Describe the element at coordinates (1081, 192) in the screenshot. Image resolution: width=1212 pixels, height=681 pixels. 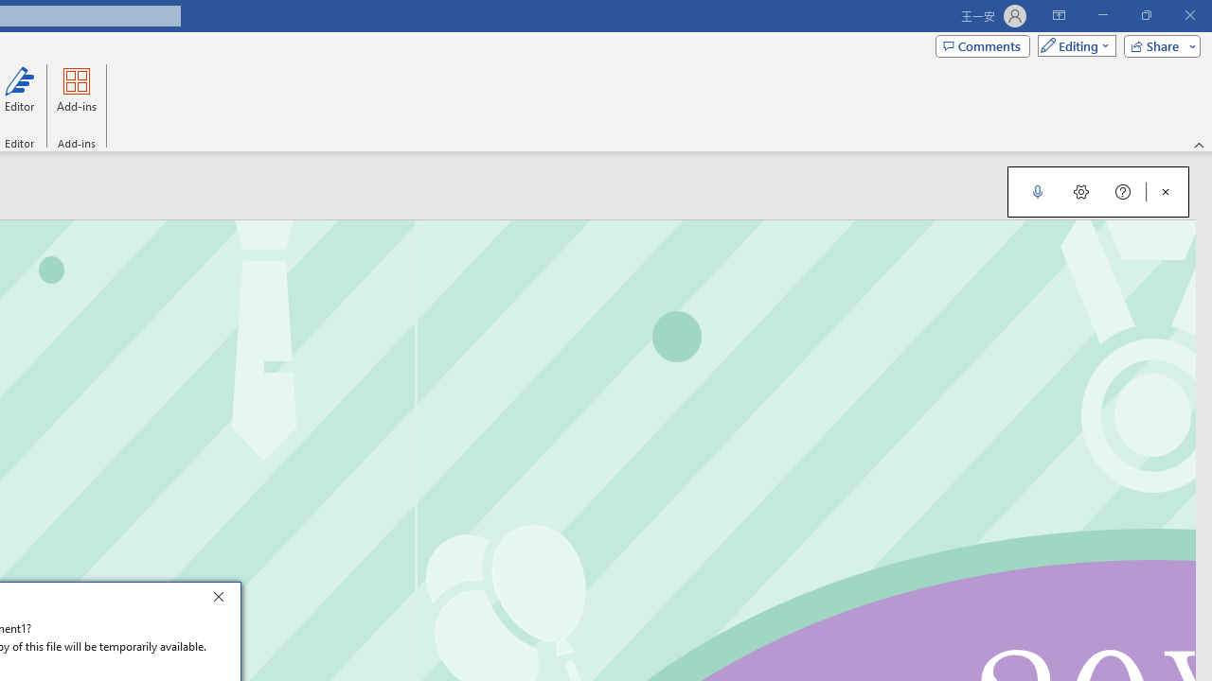
I see `'Dictation Settings'` at that location.